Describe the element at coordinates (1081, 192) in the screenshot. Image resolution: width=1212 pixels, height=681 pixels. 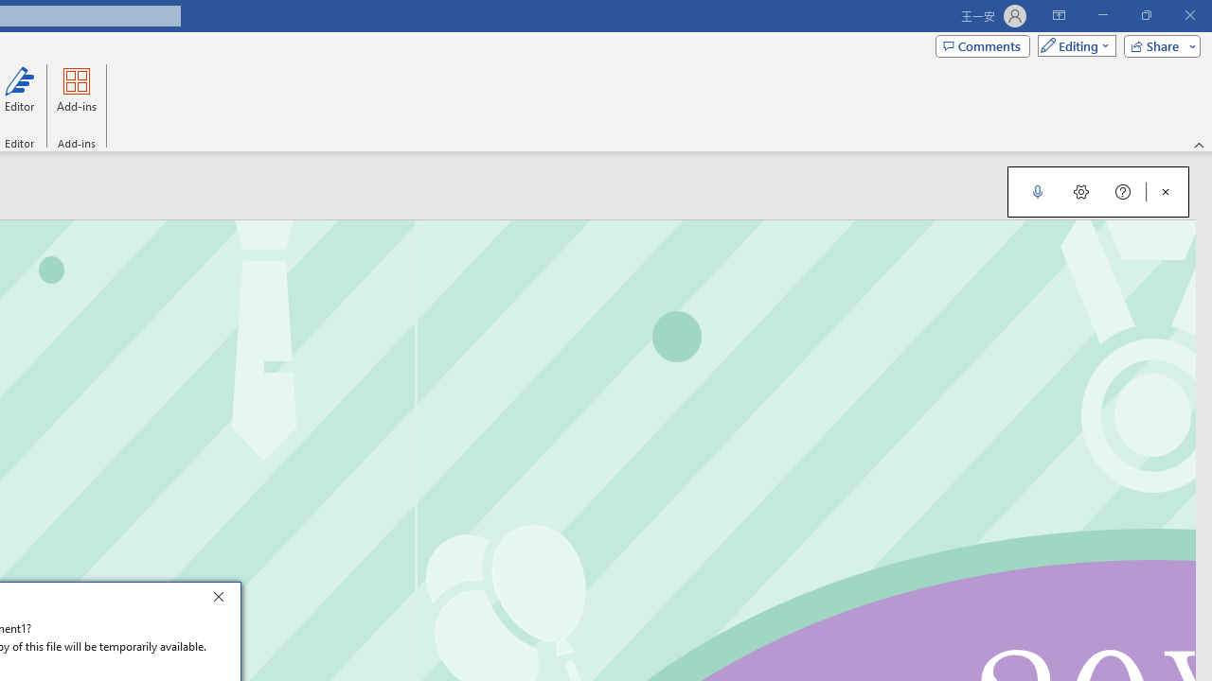
I see `'Dictation Settings'` at that location.